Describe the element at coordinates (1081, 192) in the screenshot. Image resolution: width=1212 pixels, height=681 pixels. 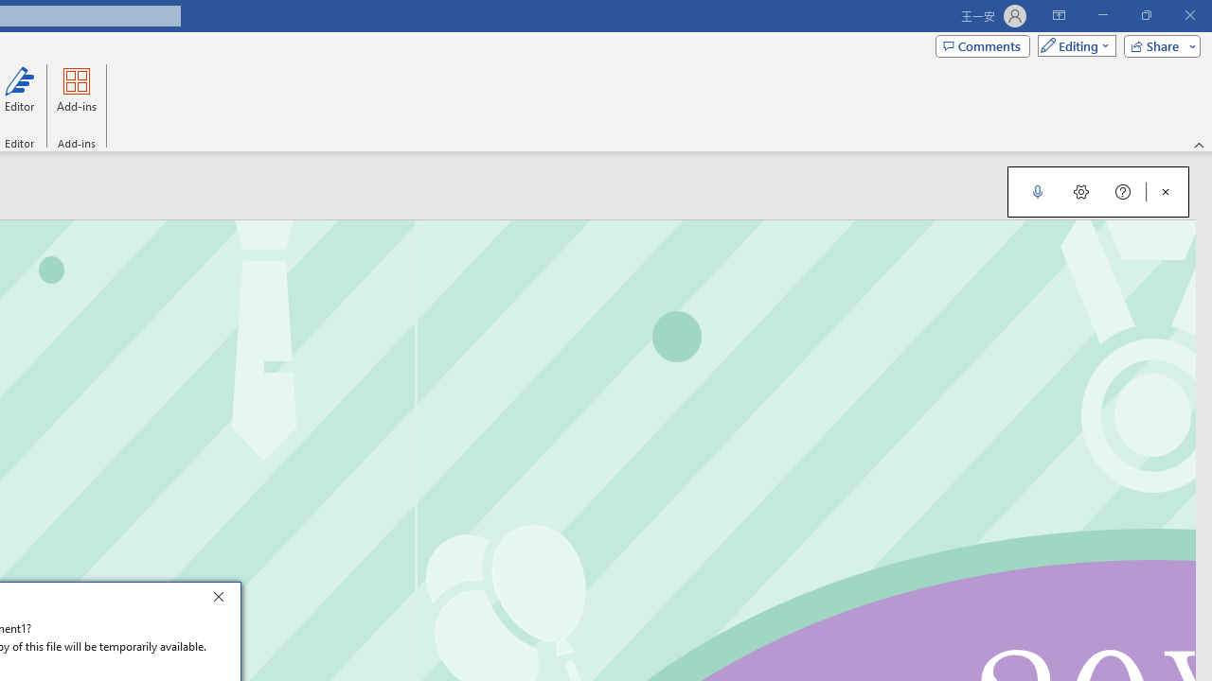
I see `'Dictation Settings'` at that location.